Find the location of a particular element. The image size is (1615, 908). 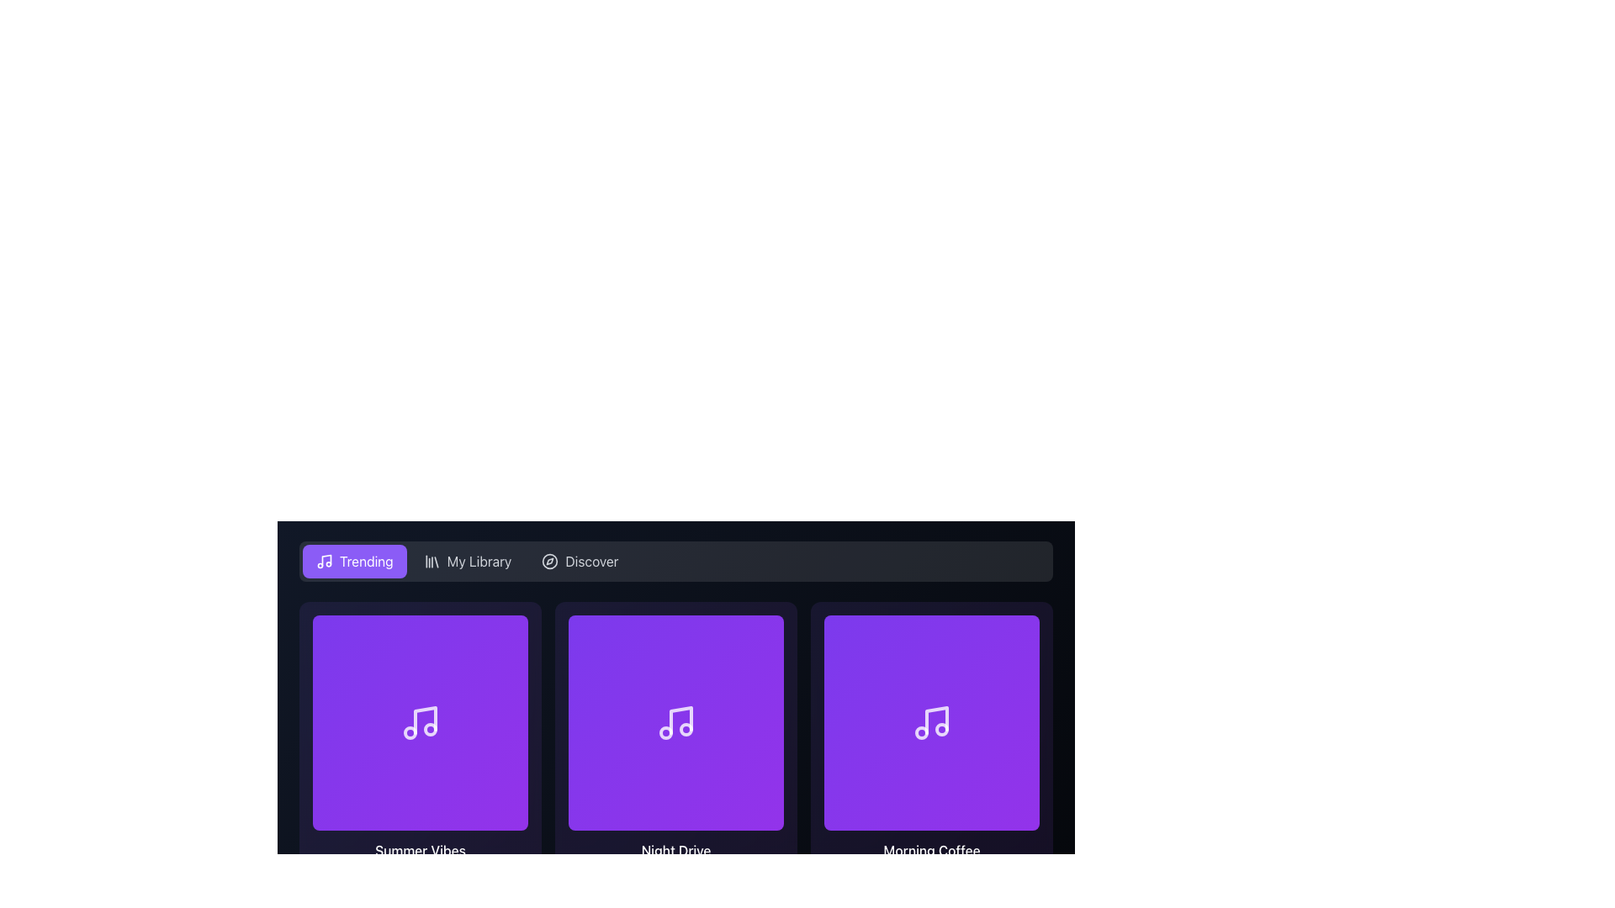

the minimalist compass icon located within the 'Discover' button in the horizontal navbar is located at coordinates (550, 561).